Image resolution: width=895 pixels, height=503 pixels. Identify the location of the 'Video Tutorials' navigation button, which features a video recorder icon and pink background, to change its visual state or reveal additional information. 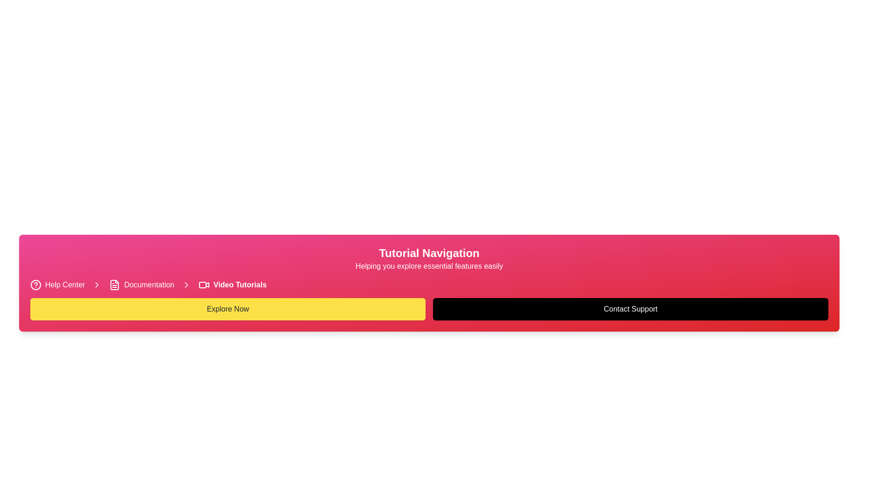
(233, 285).